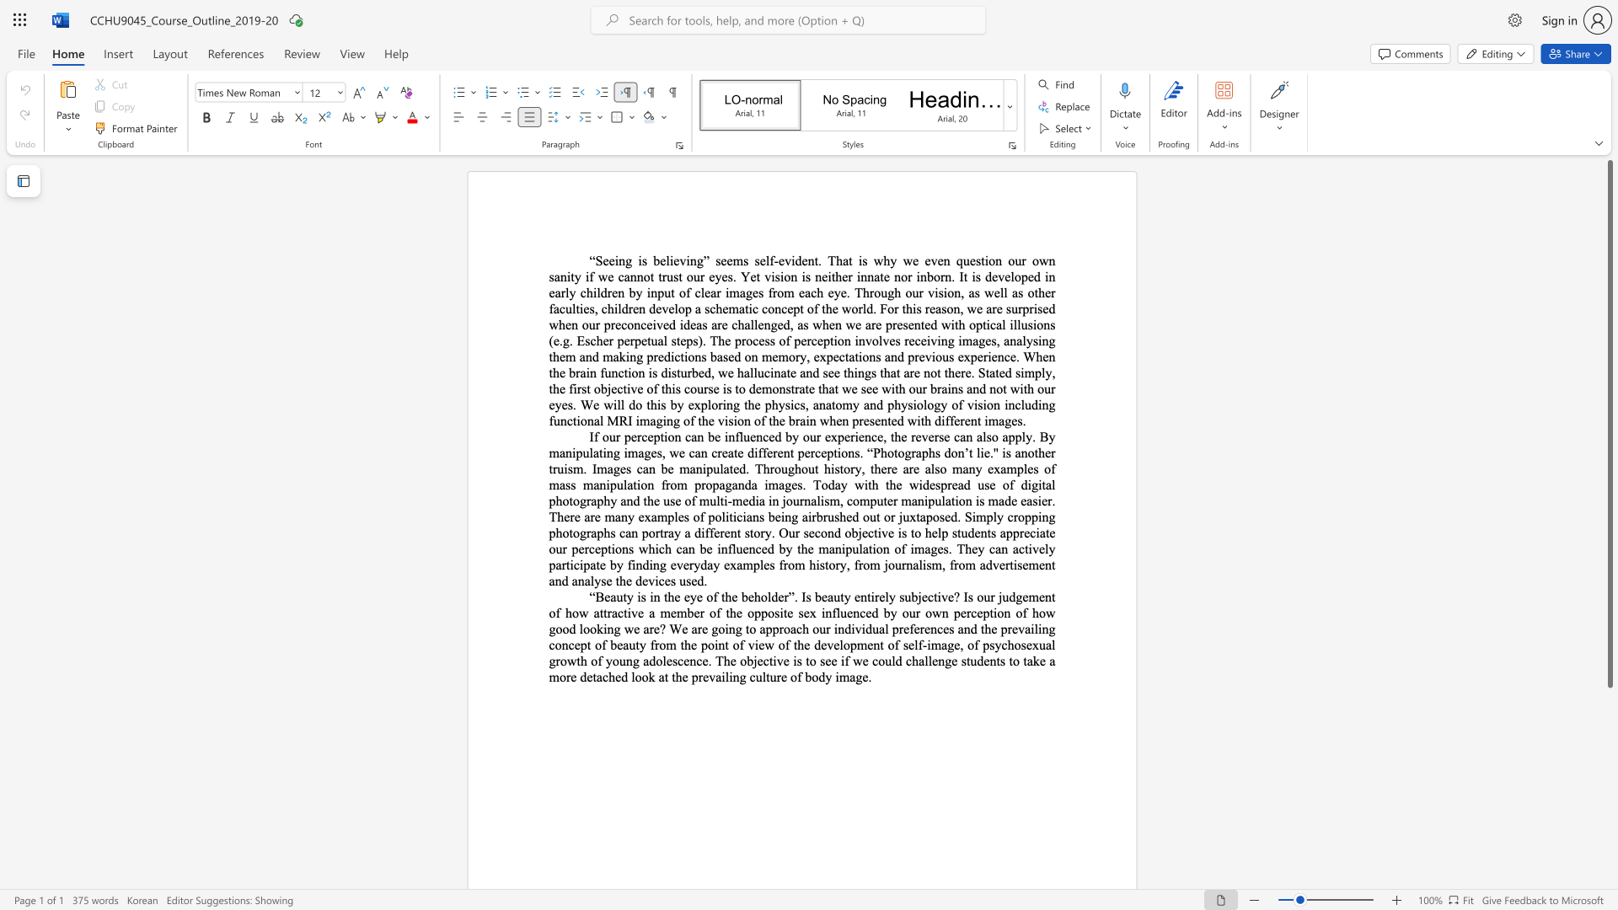 Image resolution: width=1618 pixels, height=910 pixels. Describe the element at coordinates (1609, 783) in the screenshot. I see `the scrollbar to slide the page down` at that location.